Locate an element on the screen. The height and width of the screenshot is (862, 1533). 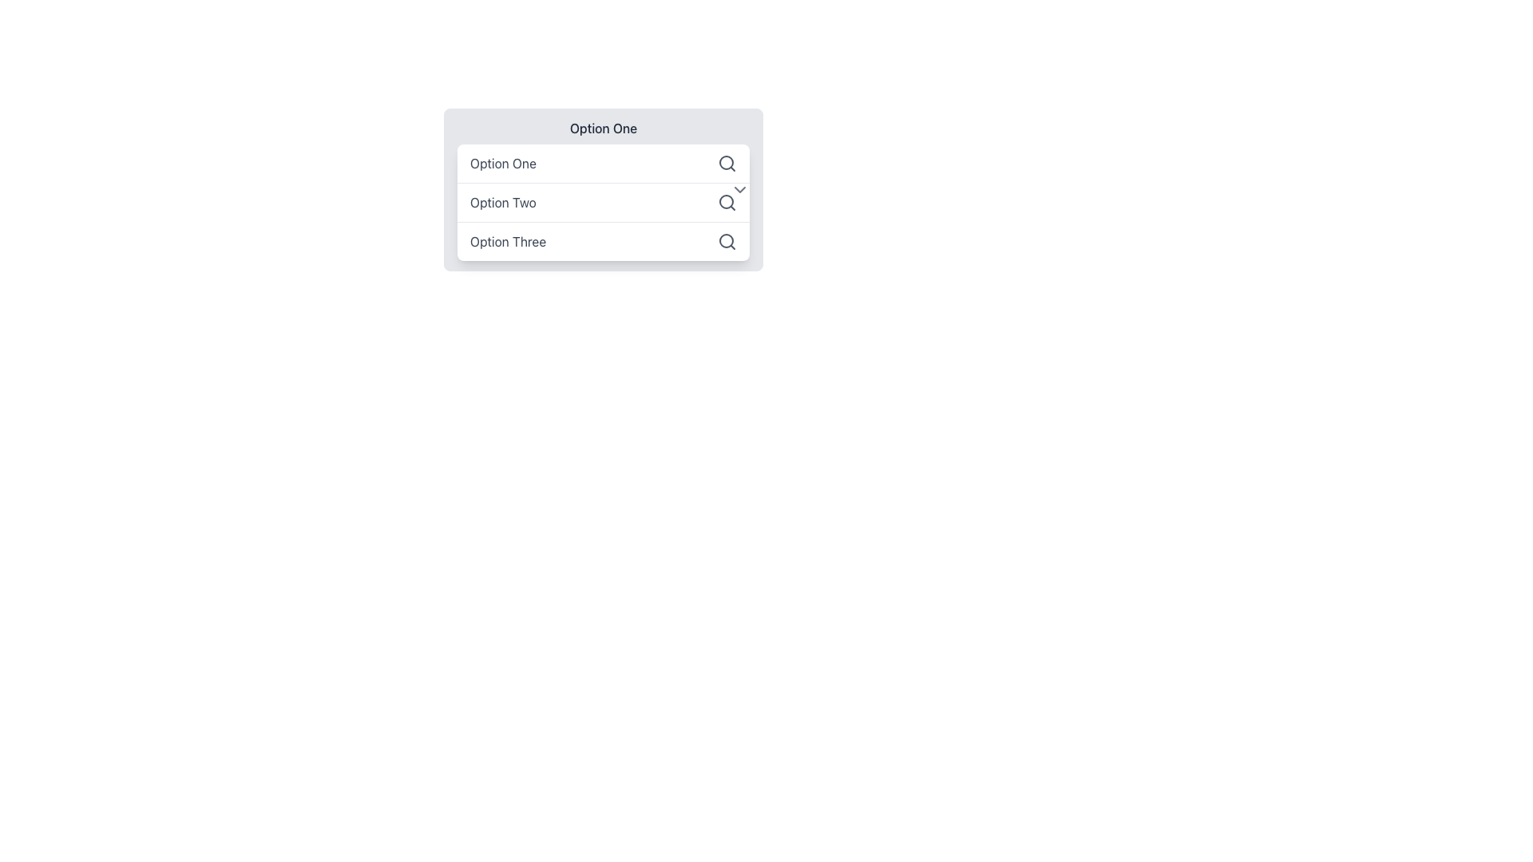
text content of the 'Option One' label in the first menu item of the dropdown list is located at coordinates (502, 163).